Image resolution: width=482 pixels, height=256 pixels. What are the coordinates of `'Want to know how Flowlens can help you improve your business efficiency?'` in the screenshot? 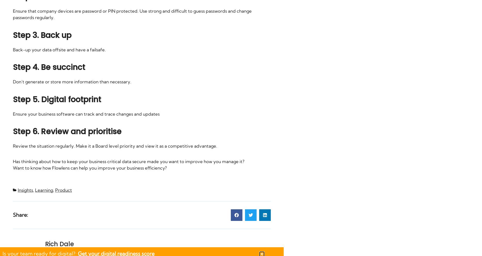 It's located at (90, 168).